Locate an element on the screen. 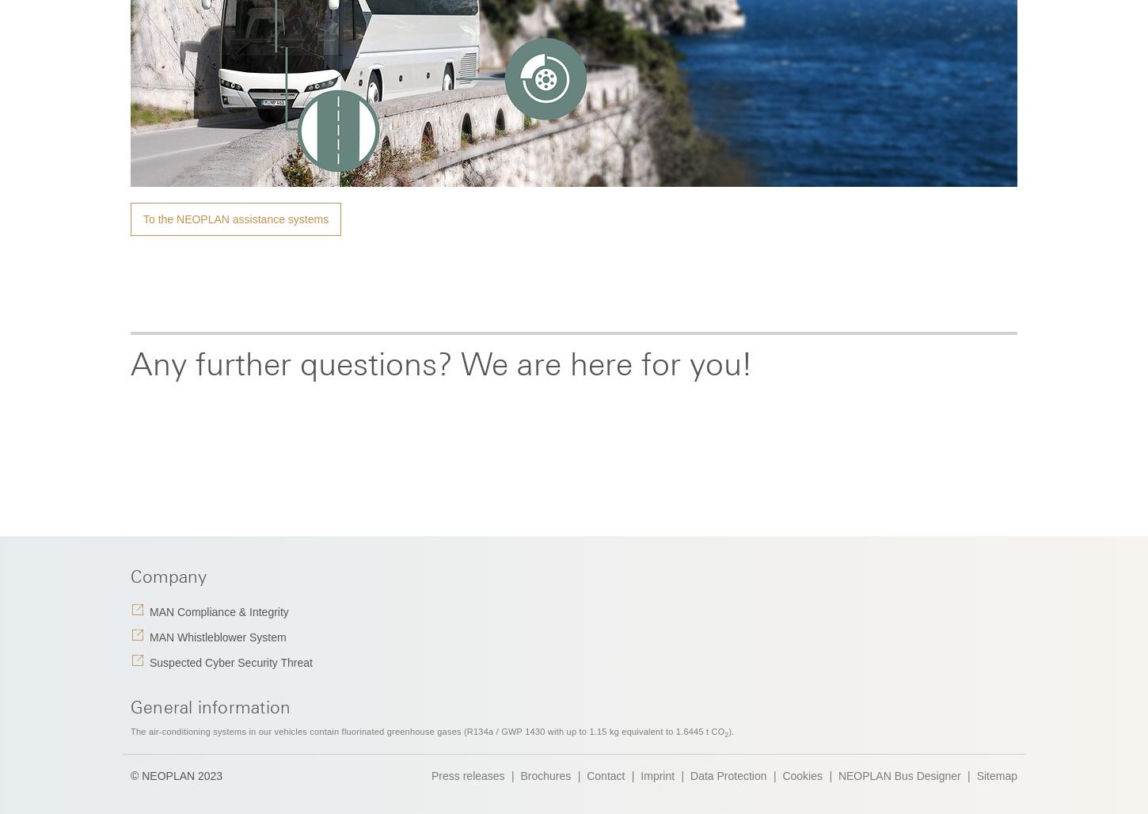 This screenshot has height=814, width=1148. 'Any further questions? We are here for you!' is located at coordinates (441, 363).